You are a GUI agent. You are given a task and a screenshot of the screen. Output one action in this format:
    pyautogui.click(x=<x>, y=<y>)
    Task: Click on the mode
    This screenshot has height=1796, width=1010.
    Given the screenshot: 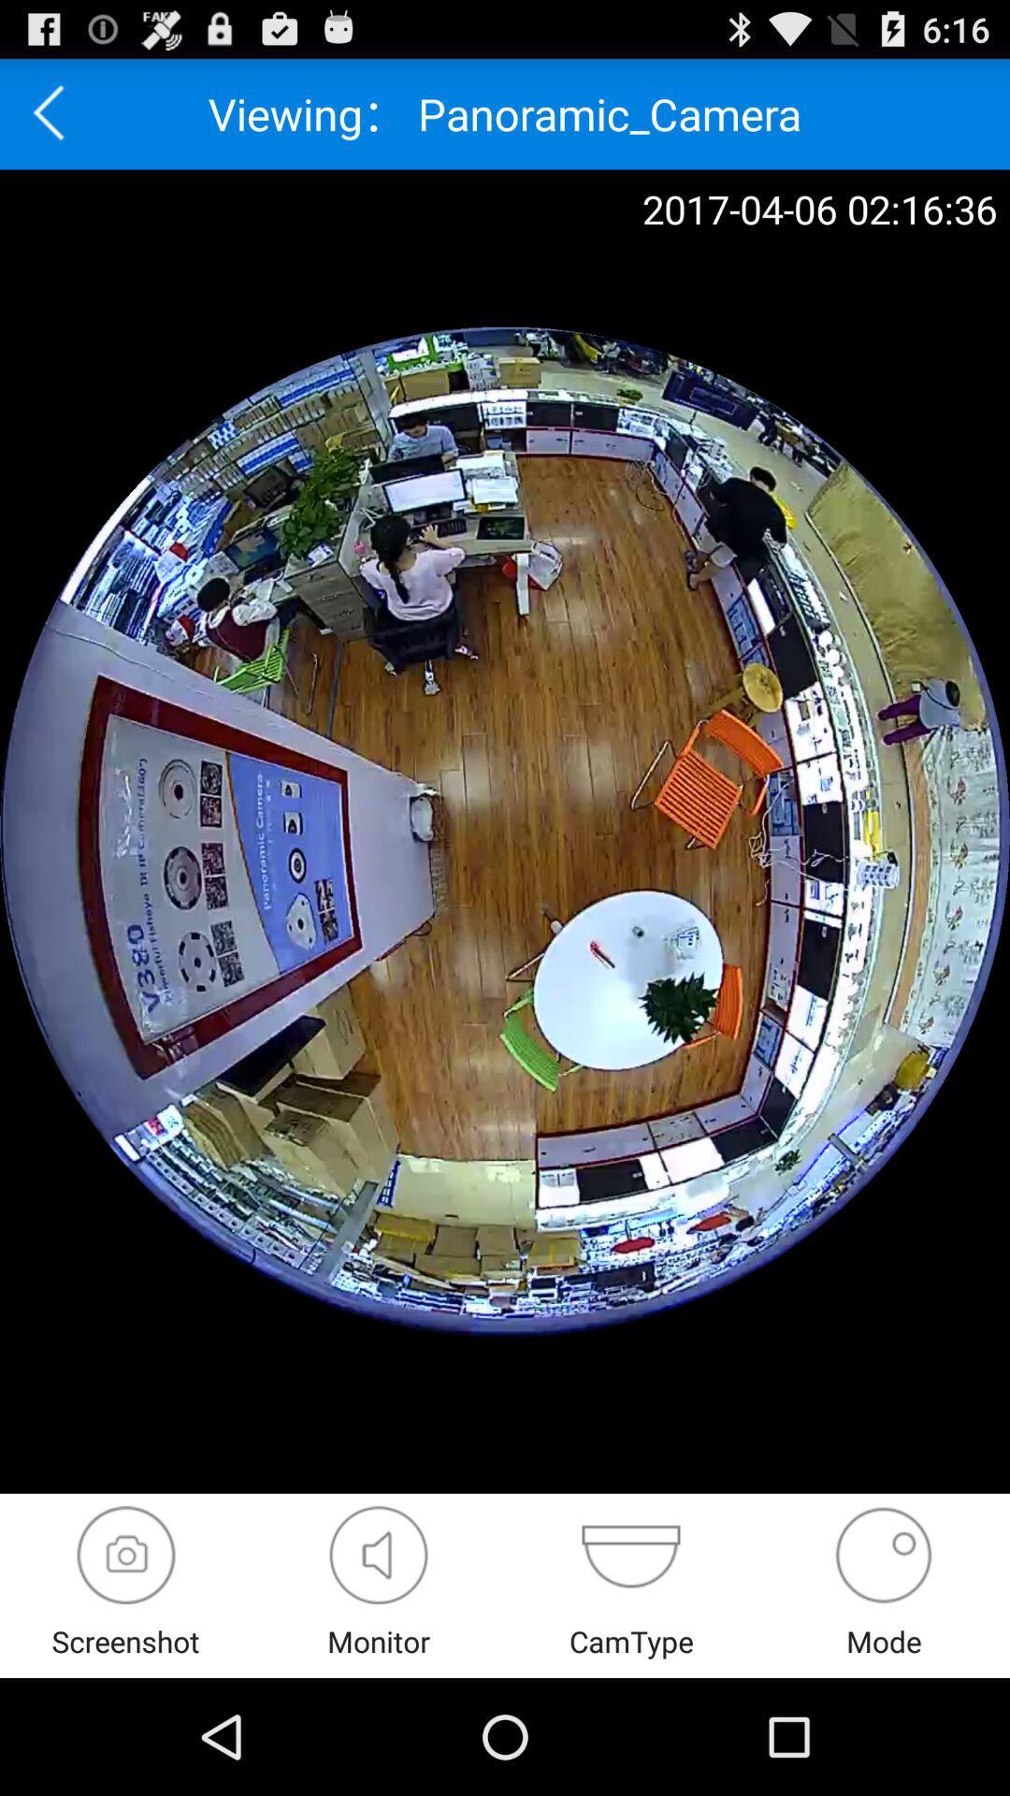 What is the action you would take?
    pyautogui.click(x=884, y=1555)
    